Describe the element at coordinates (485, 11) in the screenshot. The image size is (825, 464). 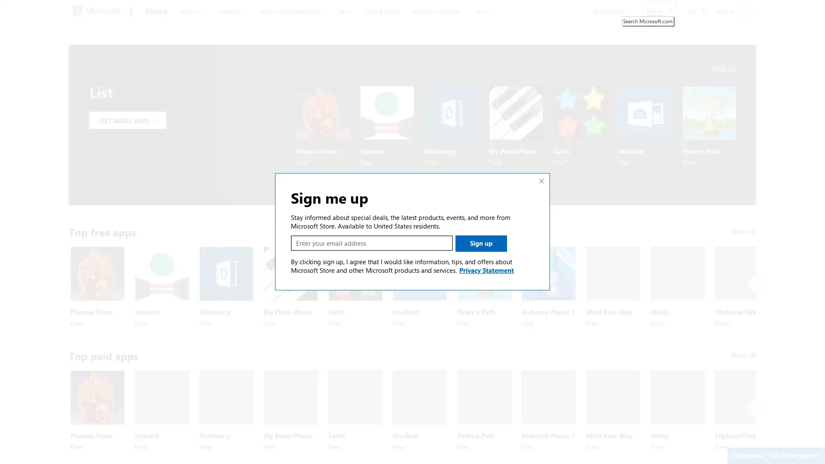
I see `More` at that location.